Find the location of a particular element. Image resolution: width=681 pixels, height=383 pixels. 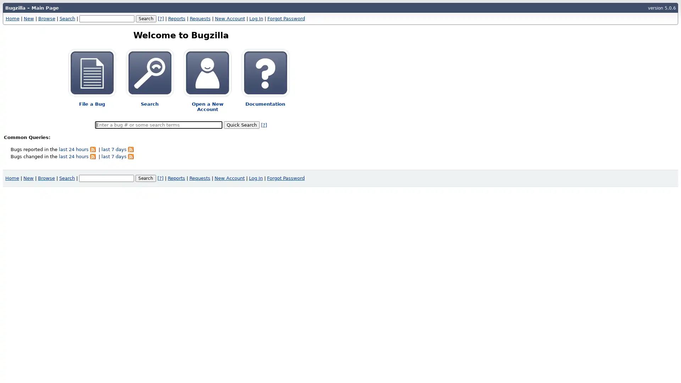

Search is located at coordinates (145, 18).